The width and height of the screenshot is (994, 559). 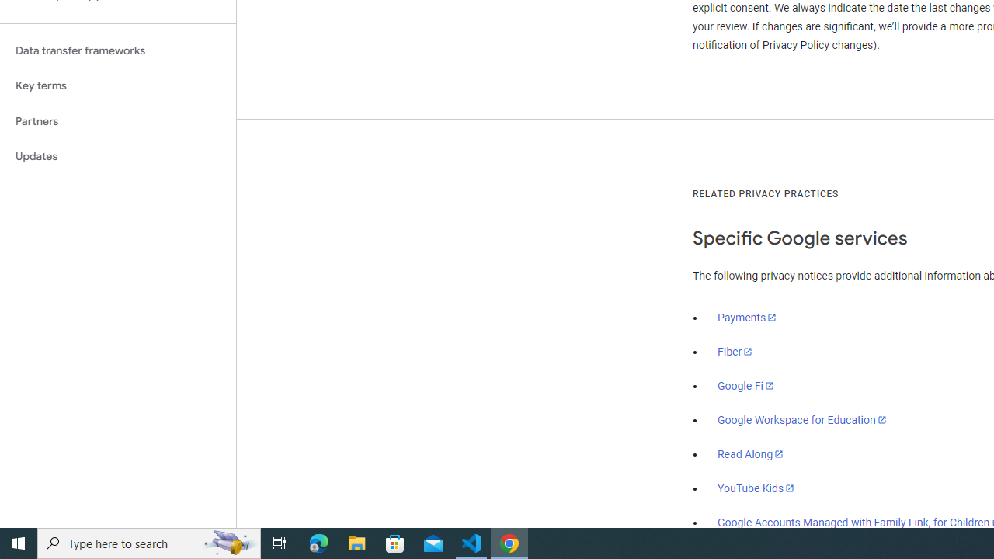 I want to click on 'Read Along', so click(x=751, y=454).